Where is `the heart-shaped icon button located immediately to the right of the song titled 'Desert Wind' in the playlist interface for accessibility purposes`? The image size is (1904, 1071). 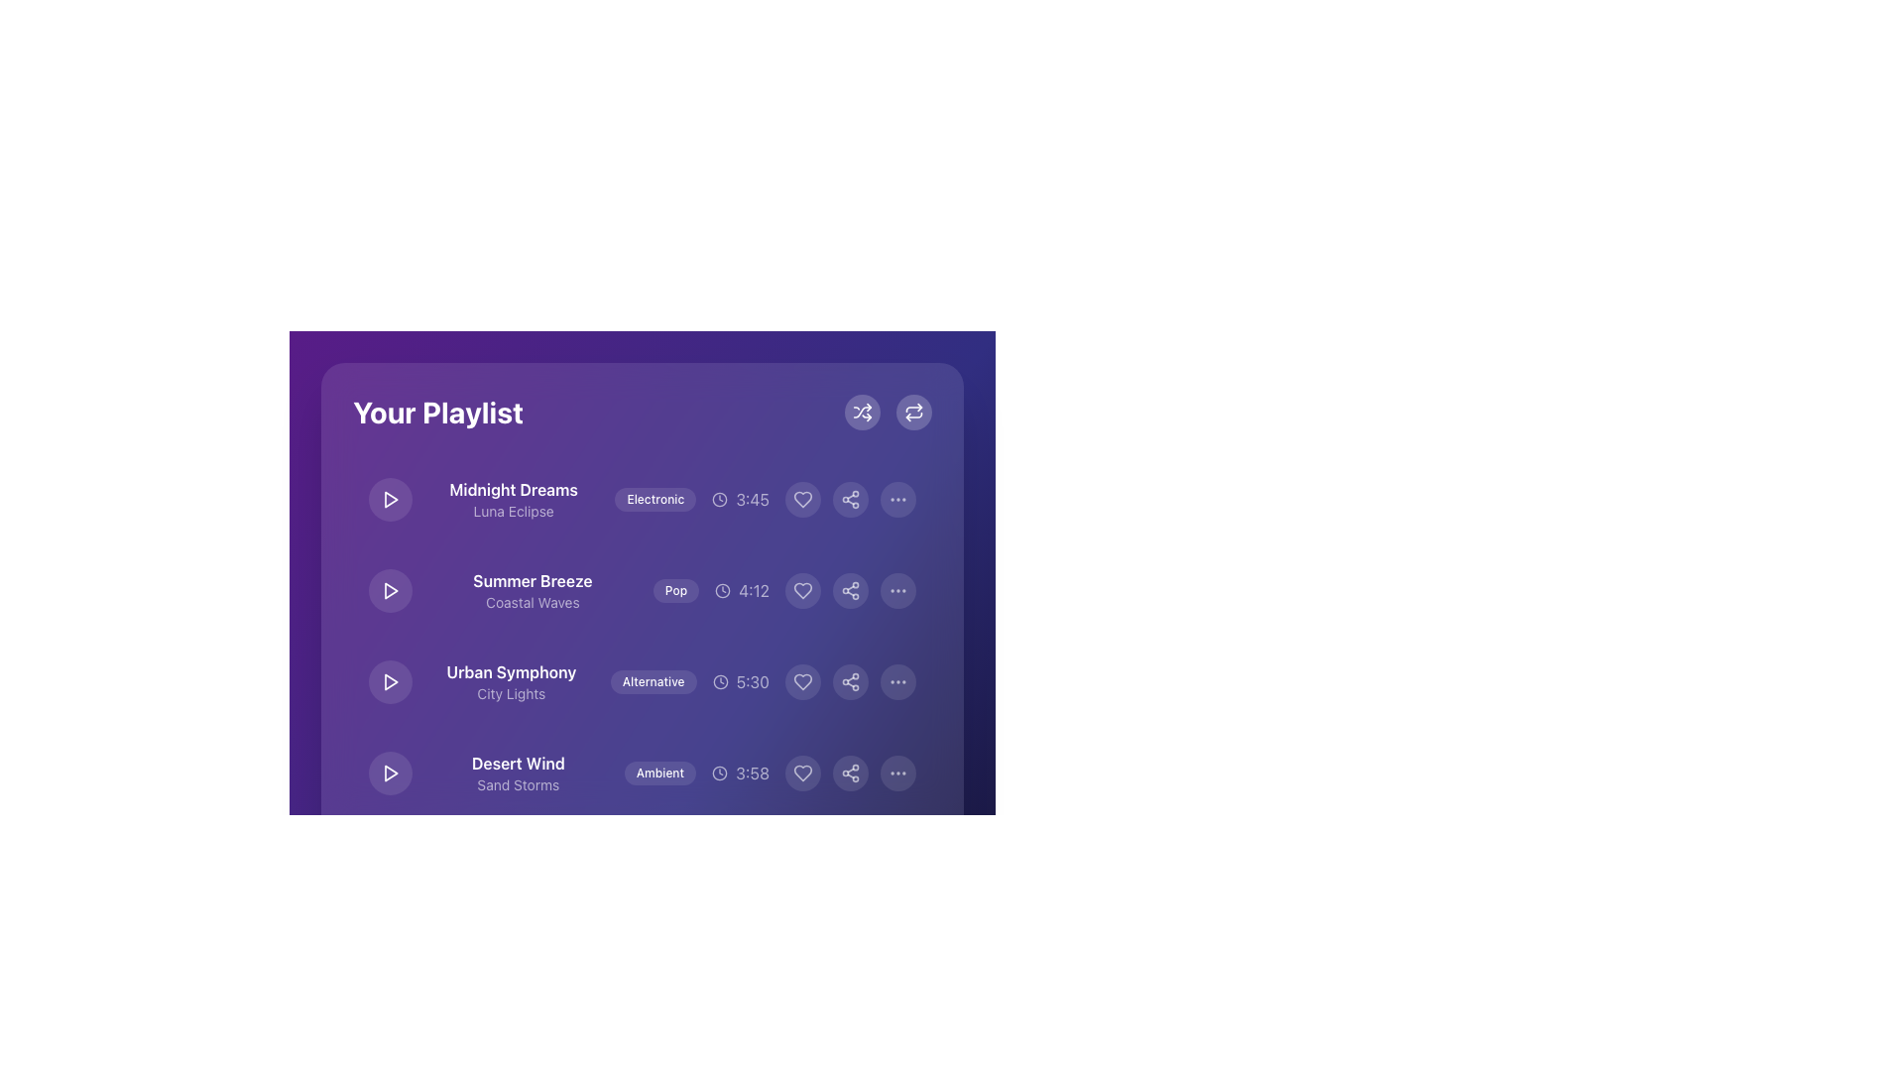
the heart-shaped icon button located immediately to the right of the song titled 'Desert Wind' in the playlist interface for accessibility purposes is located at coordinates (803, 863).